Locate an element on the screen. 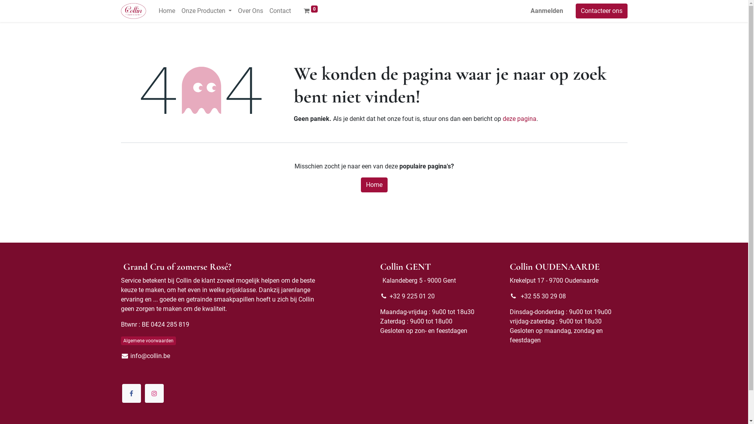 The image size is (754, 424). 'Home' is located at coordinates (373, 185).